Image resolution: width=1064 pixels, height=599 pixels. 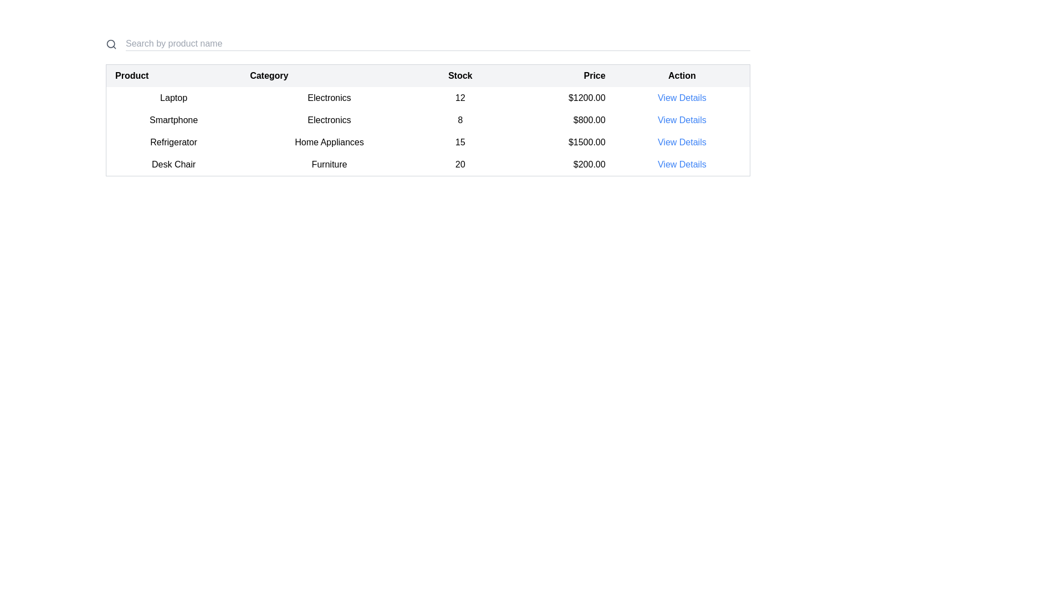 I want to click on the 'Desk Chair' text label element located in the fourth row of the 'Product' column in a table layout, so click(x=173, y=165).